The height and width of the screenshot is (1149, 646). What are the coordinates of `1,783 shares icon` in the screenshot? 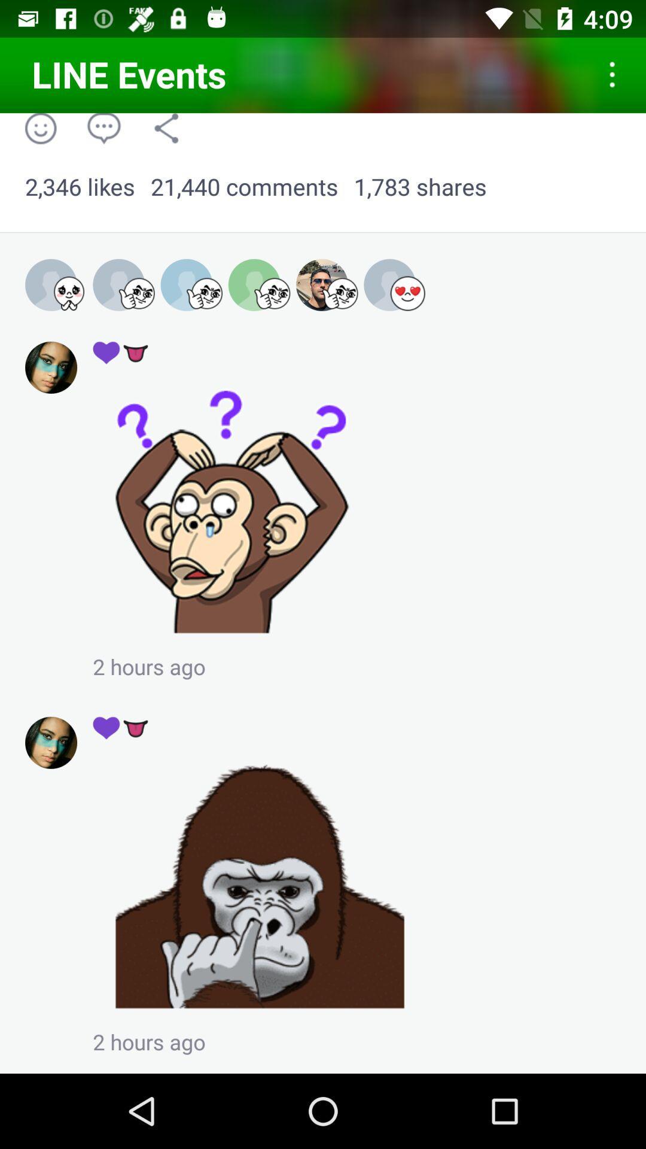 It's located at (419, 187).